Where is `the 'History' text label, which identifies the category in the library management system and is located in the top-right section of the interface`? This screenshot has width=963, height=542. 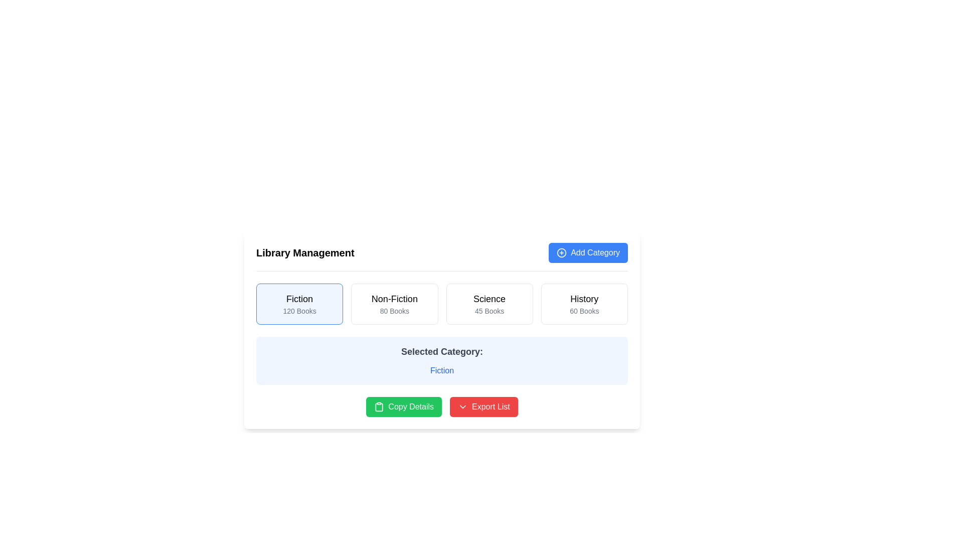 the 'History' text label, which identifies the category in the library management system and is located in the top-right section of the interface is located at coordinates (584, 299).